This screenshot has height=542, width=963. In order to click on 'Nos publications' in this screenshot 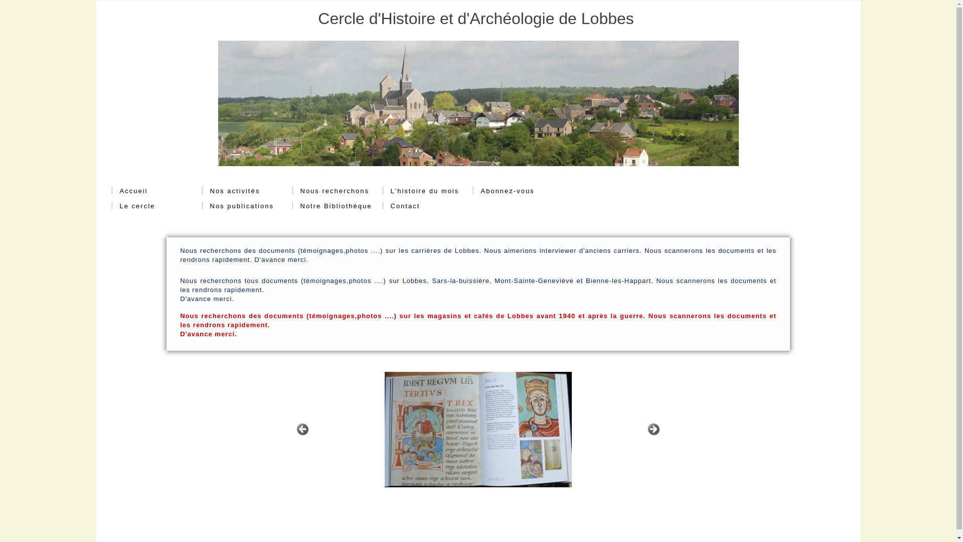, I will do `click(209, 206)`.